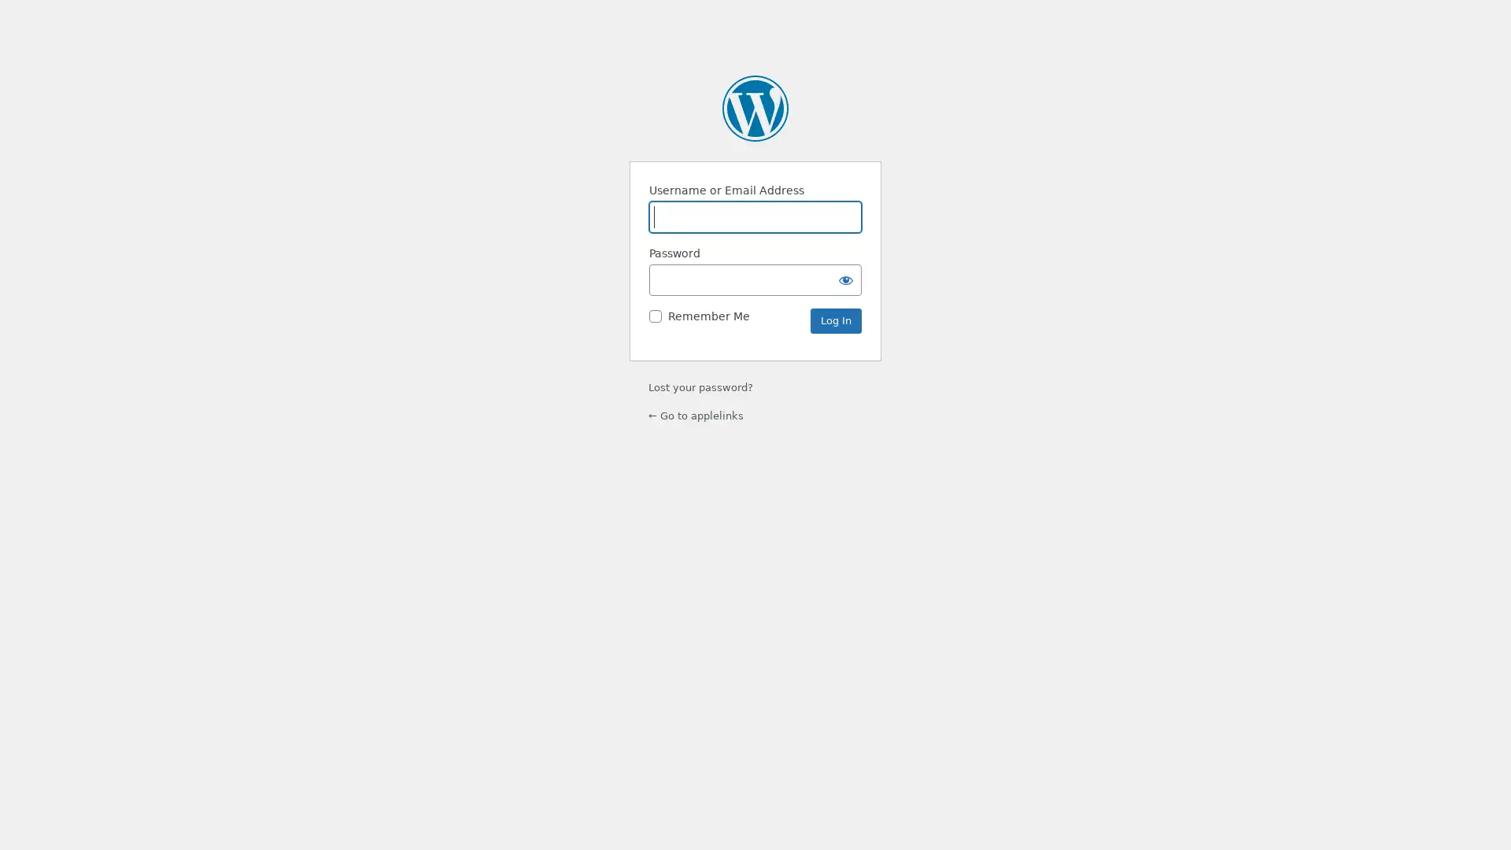  I want to click on Show password, so click(845, 279).